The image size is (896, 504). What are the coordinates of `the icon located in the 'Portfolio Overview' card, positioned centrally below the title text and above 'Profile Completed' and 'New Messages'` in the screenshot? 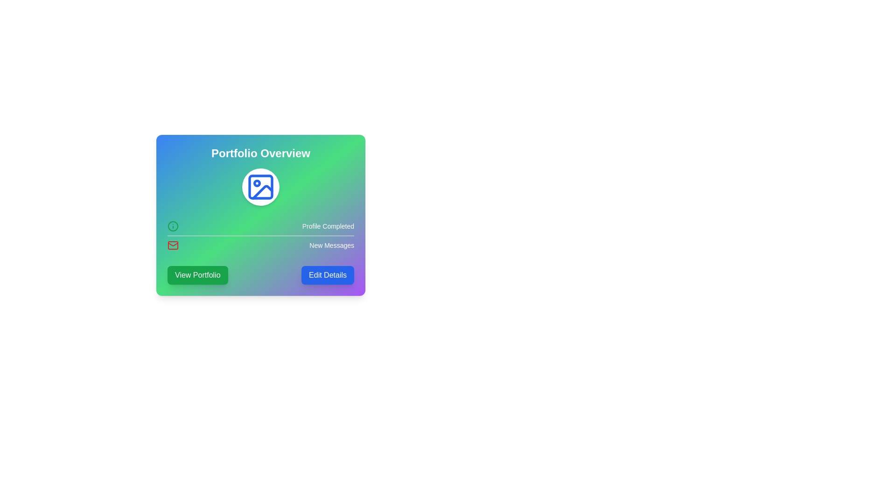 It's located at (260, 187).